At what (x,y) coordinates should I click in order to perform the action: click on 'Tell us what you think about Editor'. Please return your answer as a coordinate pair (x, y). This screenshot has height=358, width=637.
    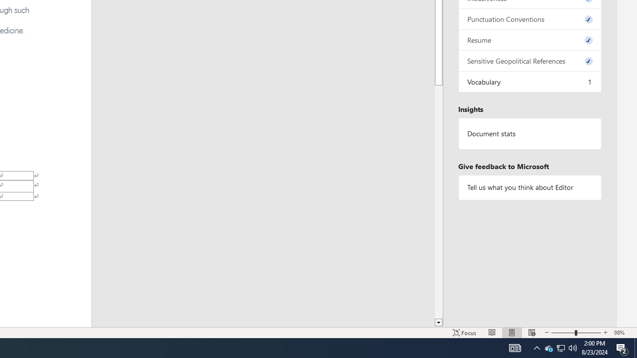
    Looking at the image, I should click on (529, 187).